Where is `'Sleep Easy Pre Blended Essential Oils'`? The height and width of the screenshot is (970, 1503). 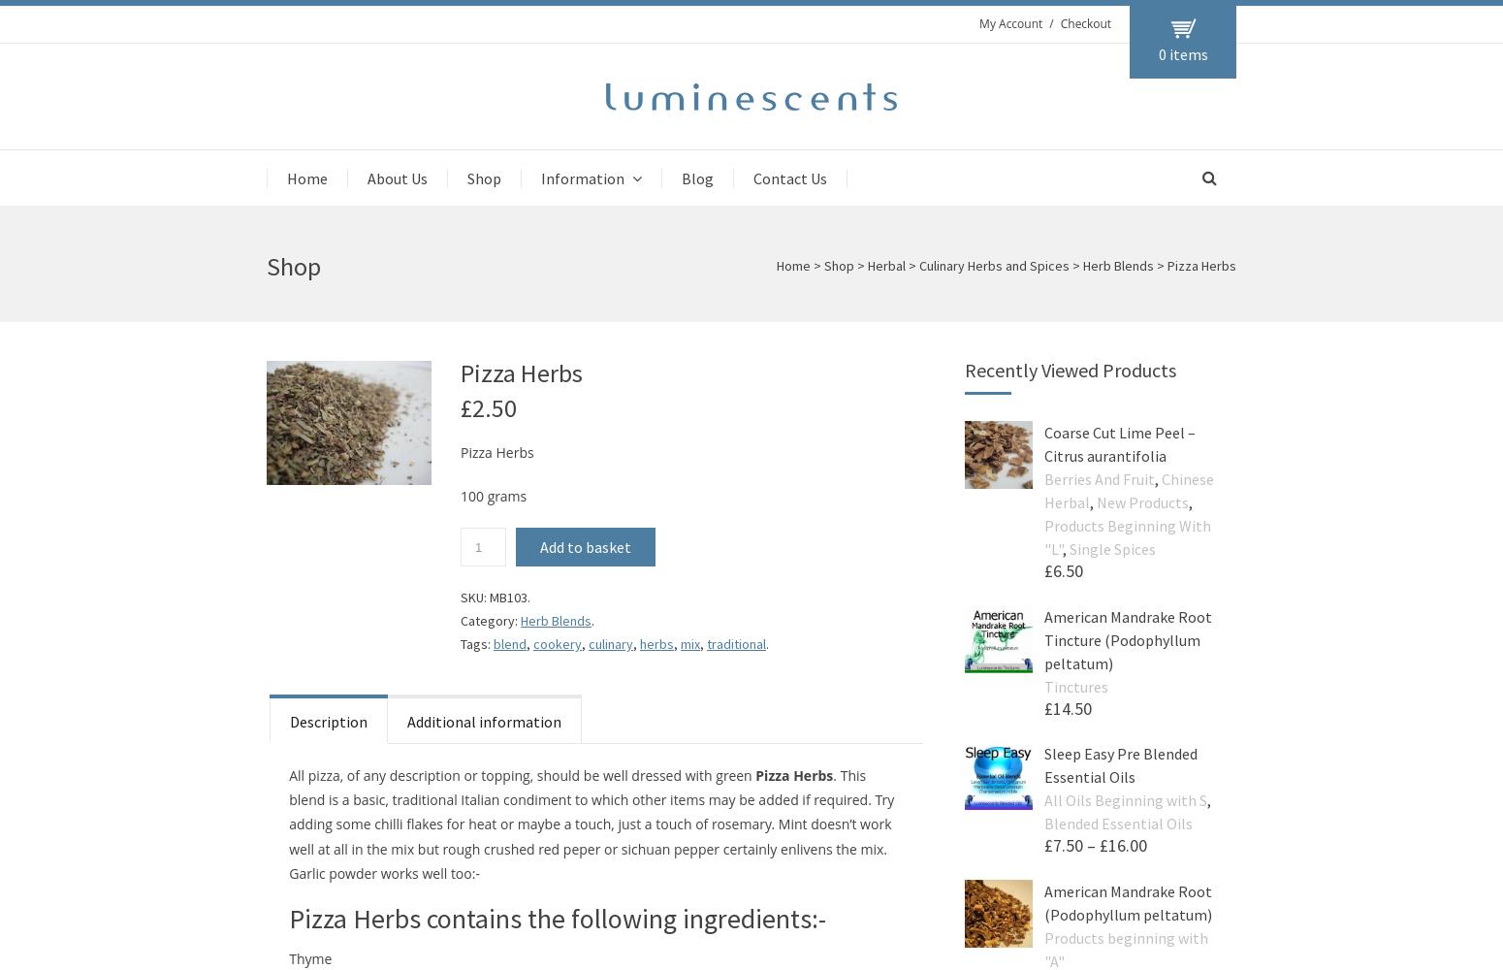
'Sleep Easy Pre Blended Essential Oils' is located at coordinates (1119, 765).